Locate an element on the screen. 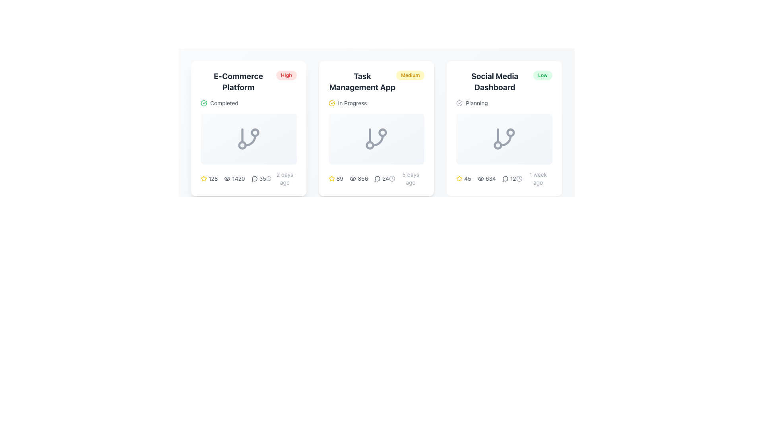 This screenshot has height=429, width=763. the numerical value text component located in the bottom row of the 'Social Media Dashboard' card, positioned directly to the right of the eye icon, which indicates the number of views is located at coordinates (490, 179).